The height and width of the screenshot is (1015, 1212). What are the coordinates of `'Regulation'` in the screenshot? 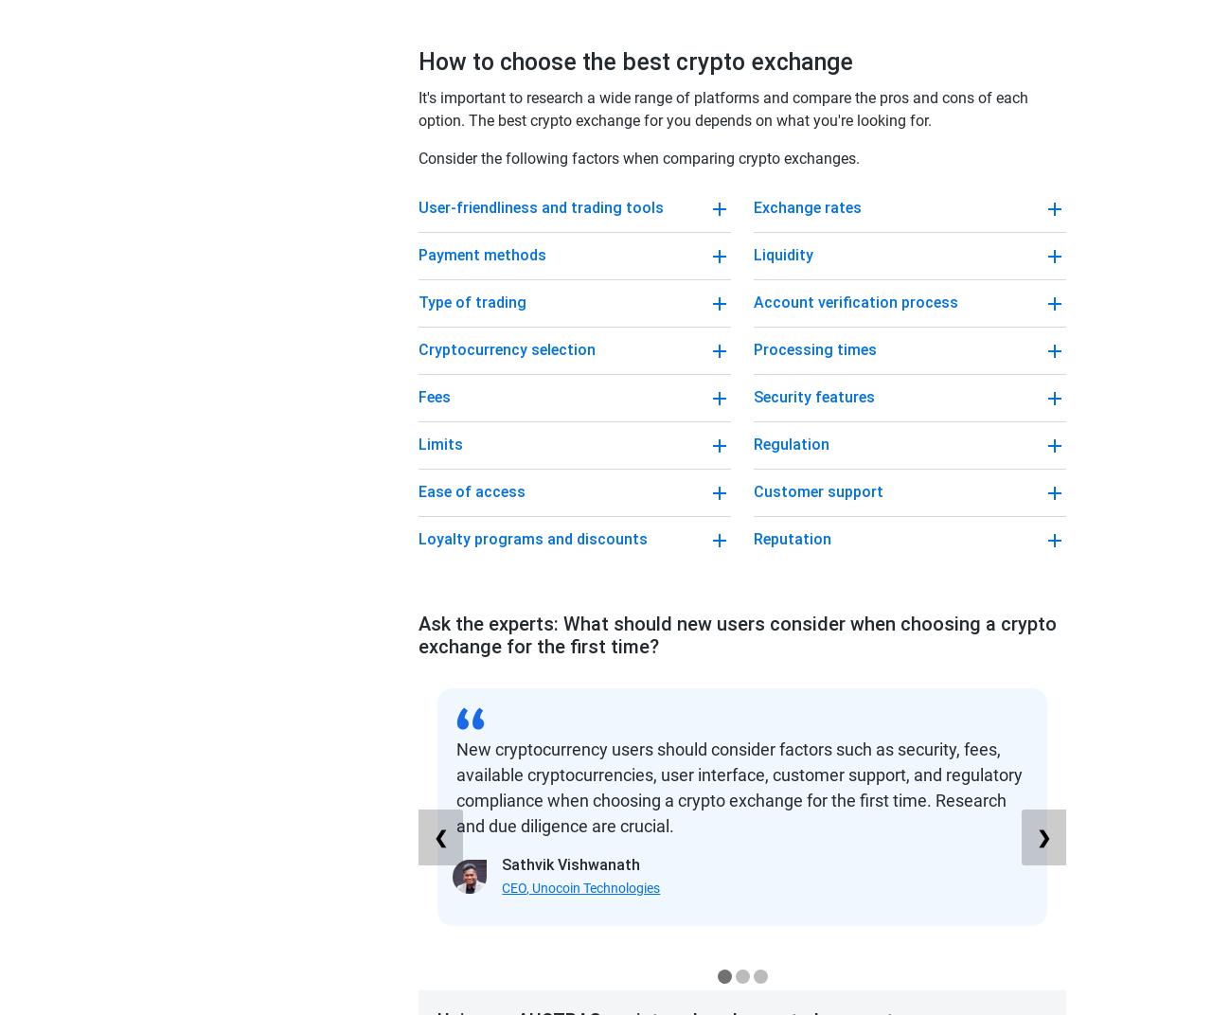 It's located at (791, 443).